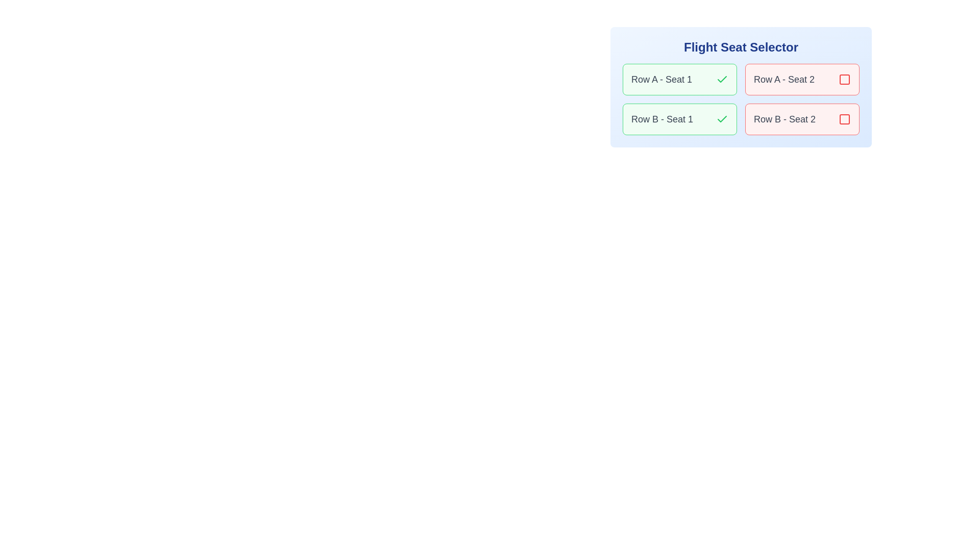  I want to click on the Decorative SVG element that visually represents the unselected state of the 'Row B - Seat 2' button in the seat selection grid, so click(845, 119).